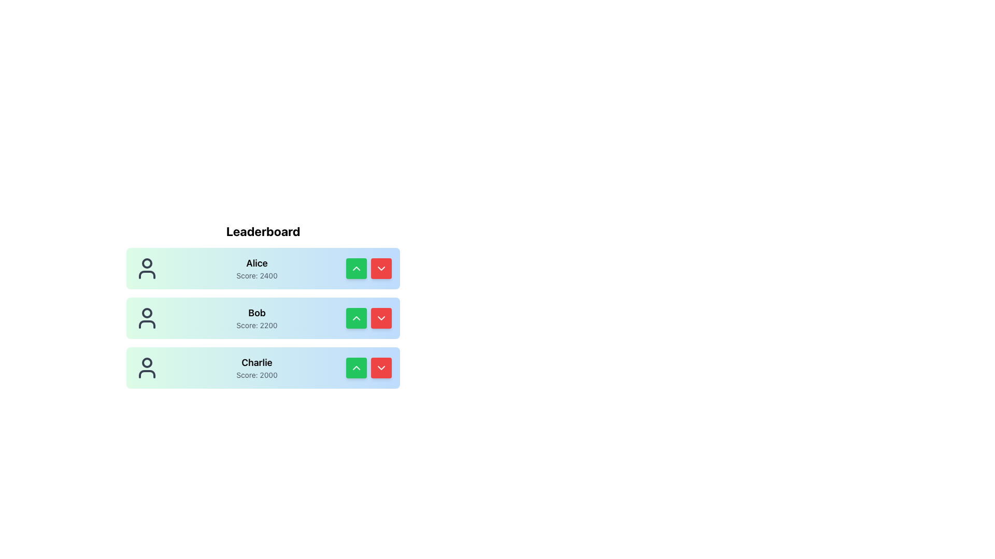 The height and width of the screenshot is (559, 995). I want to click on the user avatar icon for 'Alice' in the leaderboard, which is positioned to the left of the text 'Alice' and 'Score: 2400', so click(146, 268).